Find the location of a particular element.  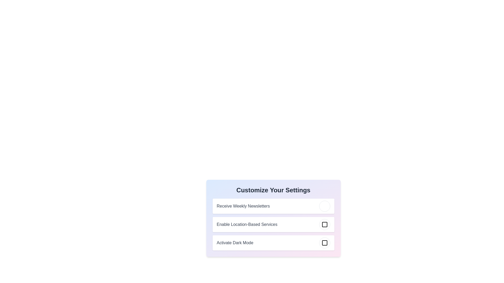

the 'Activate Dark Mode' static text label, which provides a description for the dark mode setting in the 'Customize Your Settings' panel is located at coordinates (235, 243).